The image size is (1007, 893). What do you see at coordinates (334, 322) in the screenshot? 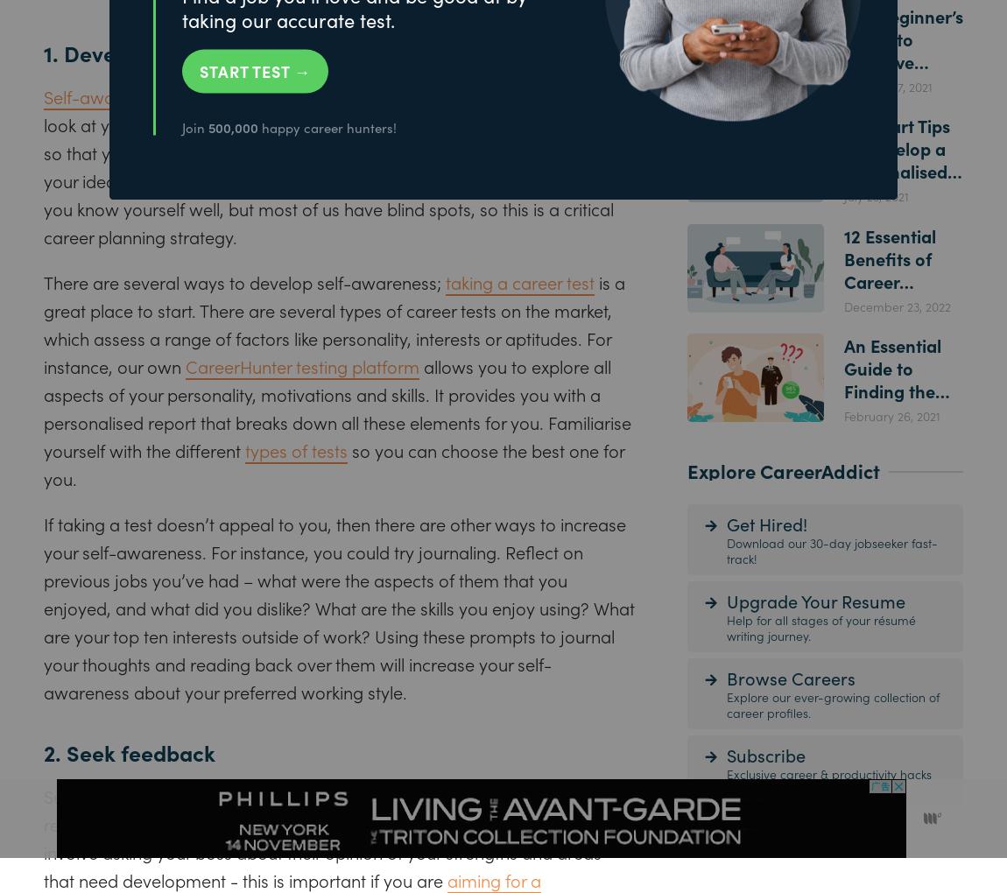
I see `'is a great place to start. There are several types of career tests on the market, which assess a range of factors like personality, interests or aptitudes. For instance, our own'` at bounding box center [334, 322].